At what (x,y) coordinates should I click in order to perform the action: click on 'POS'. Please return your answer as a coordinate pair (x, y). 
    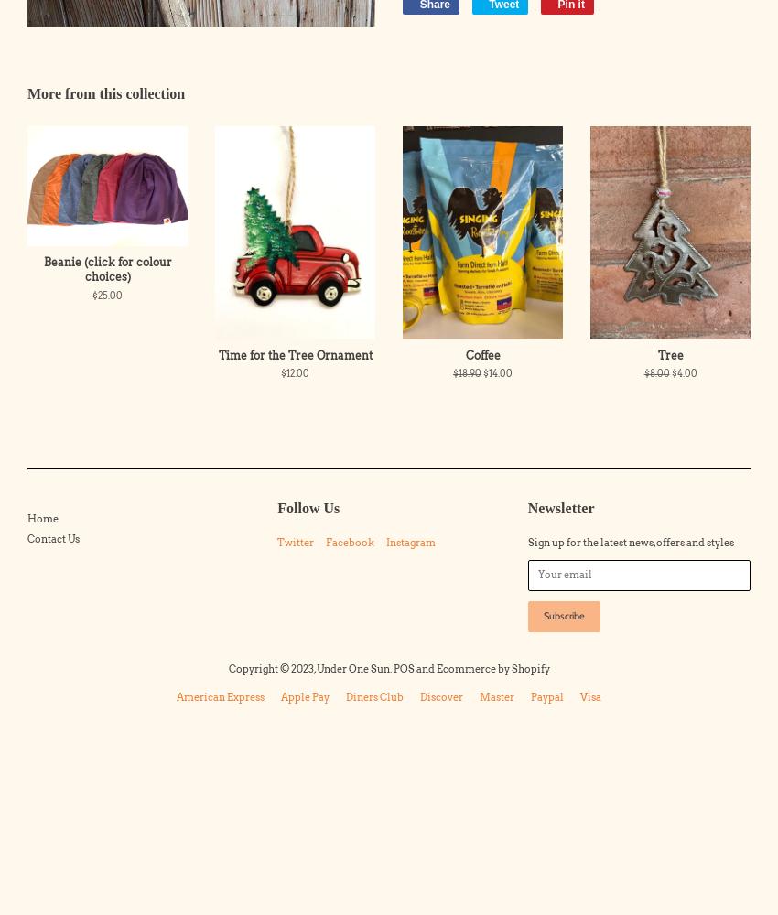
    Looking at the image, I should click on (391, 667).